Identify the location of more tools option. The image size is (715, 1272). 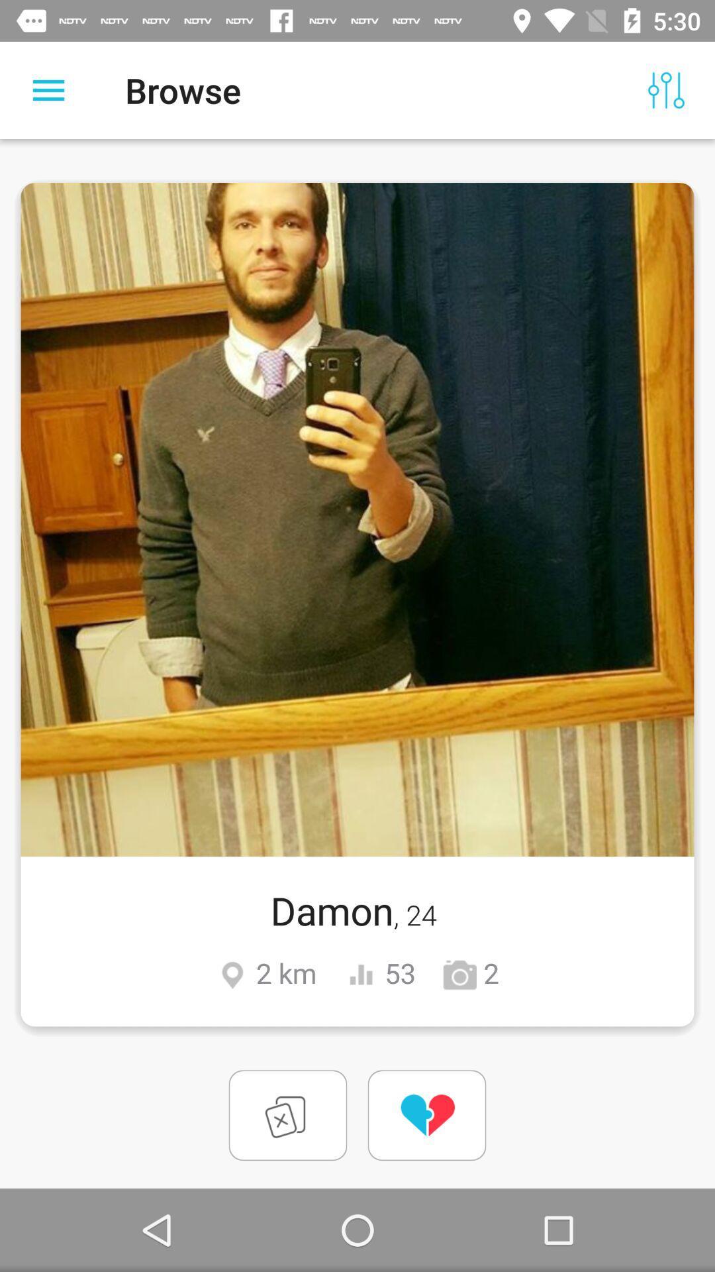
(48, 89).